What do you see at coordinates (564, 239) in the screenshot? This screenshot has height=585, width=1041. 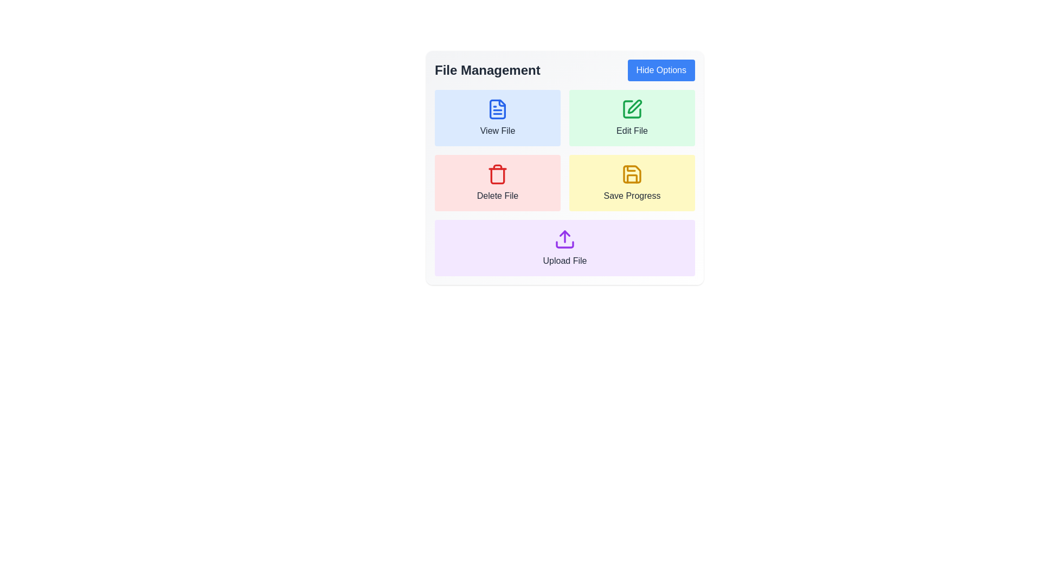 I see `the purple upward arrow icon within the 'Upload File' button located at the bottom center of the grid layout` at bounding box center [564, 239].